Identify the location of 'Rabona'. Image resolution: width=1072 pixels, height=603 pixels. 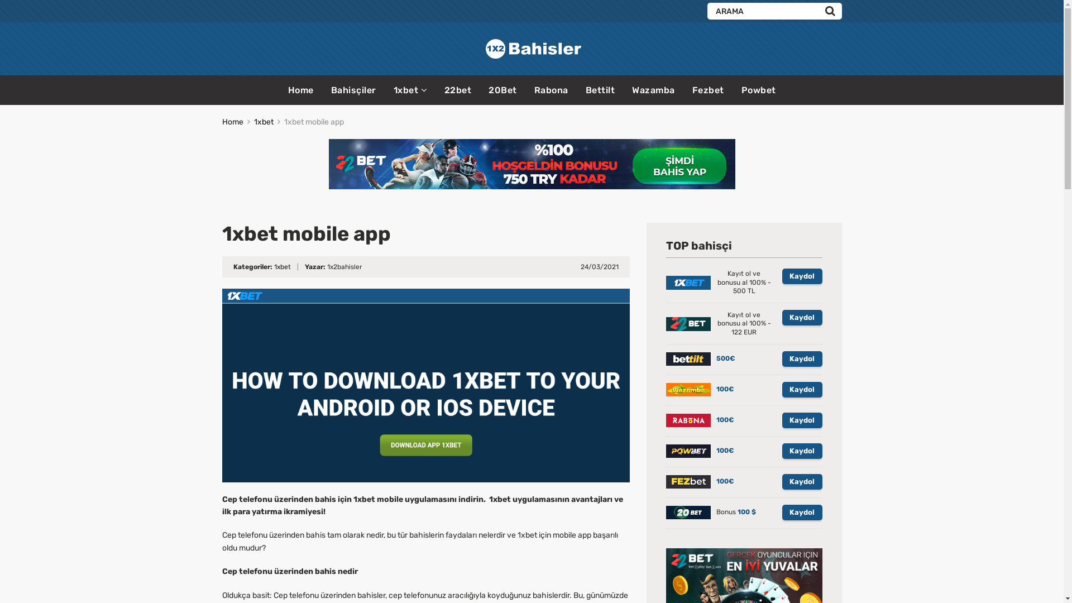
(551, 90).